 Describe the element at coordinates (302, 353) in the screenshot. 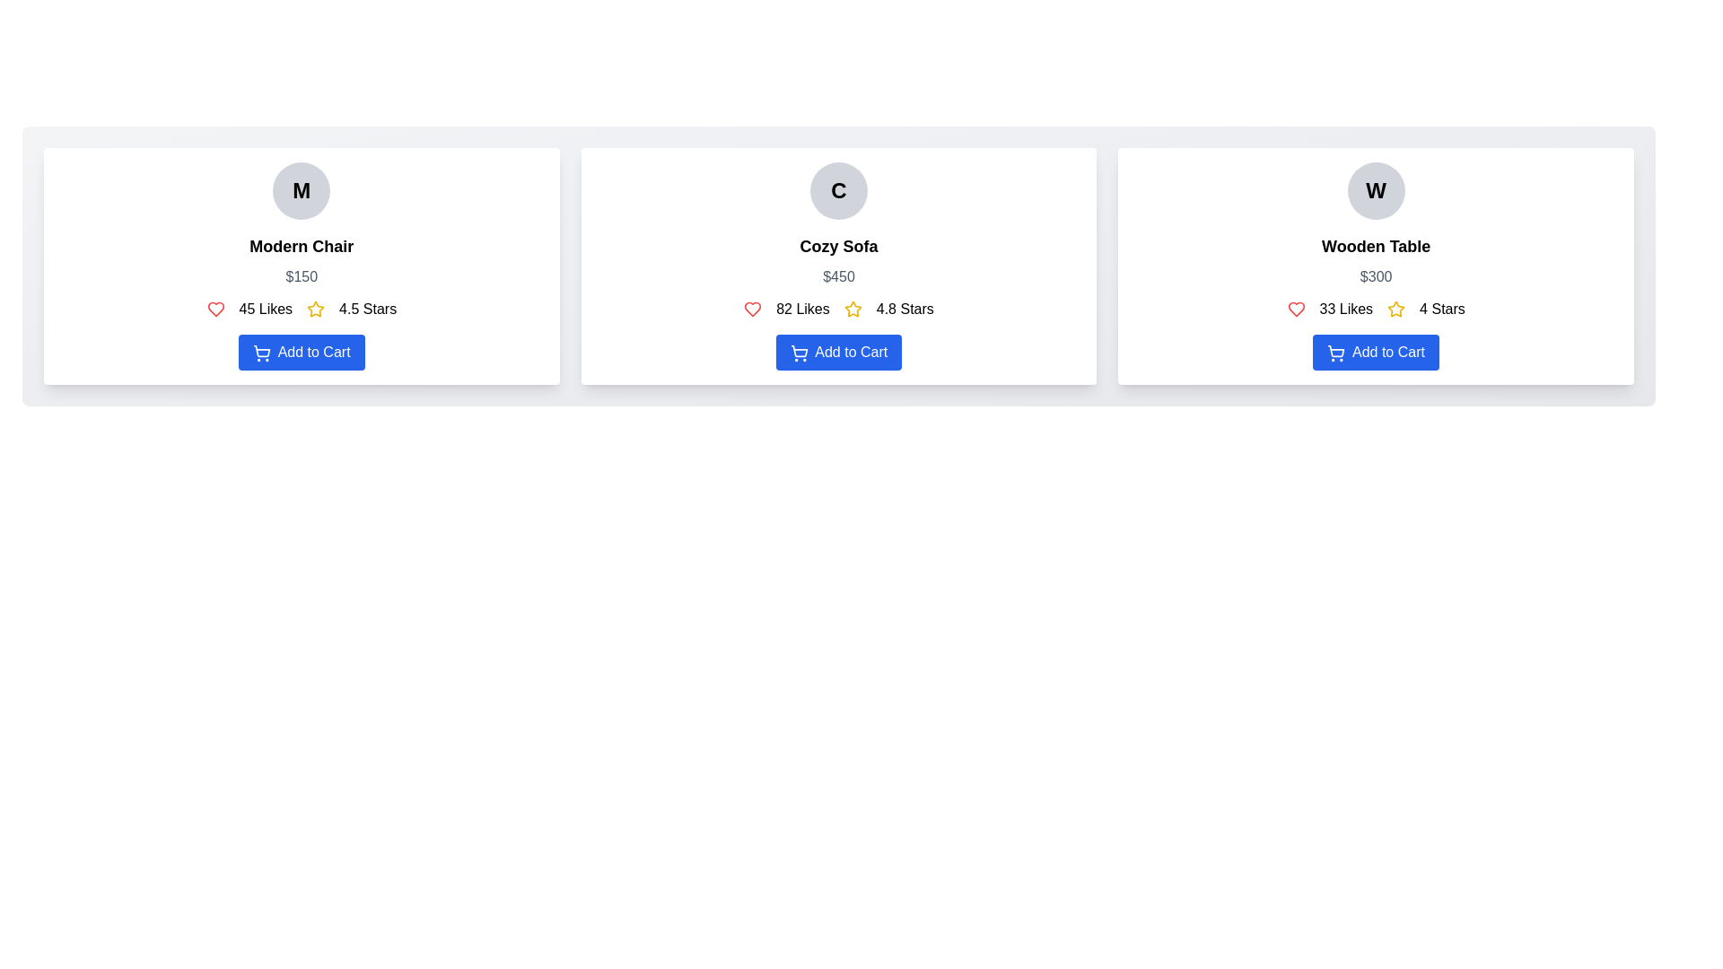

I see `the 'Add to Cart' button located at the bottom center of the product card for 'Modern Chair'` at that location.